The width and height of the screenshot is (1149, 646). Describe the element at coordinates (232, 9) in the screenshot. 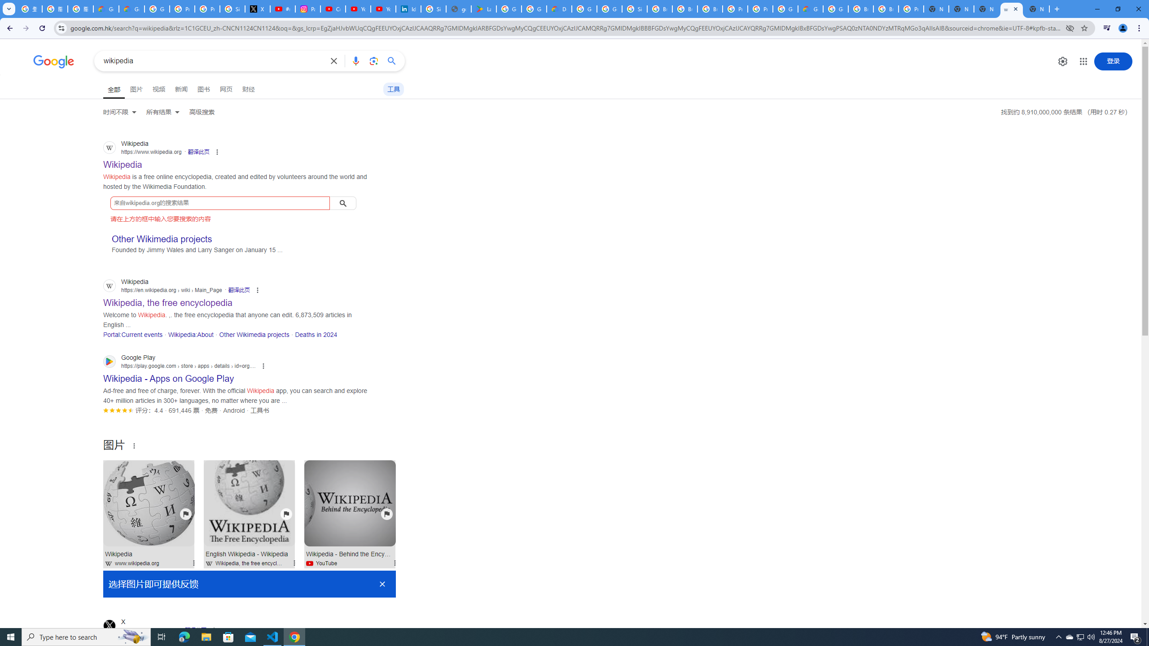

I see `'Sign in - Google Accounts'` at that location.